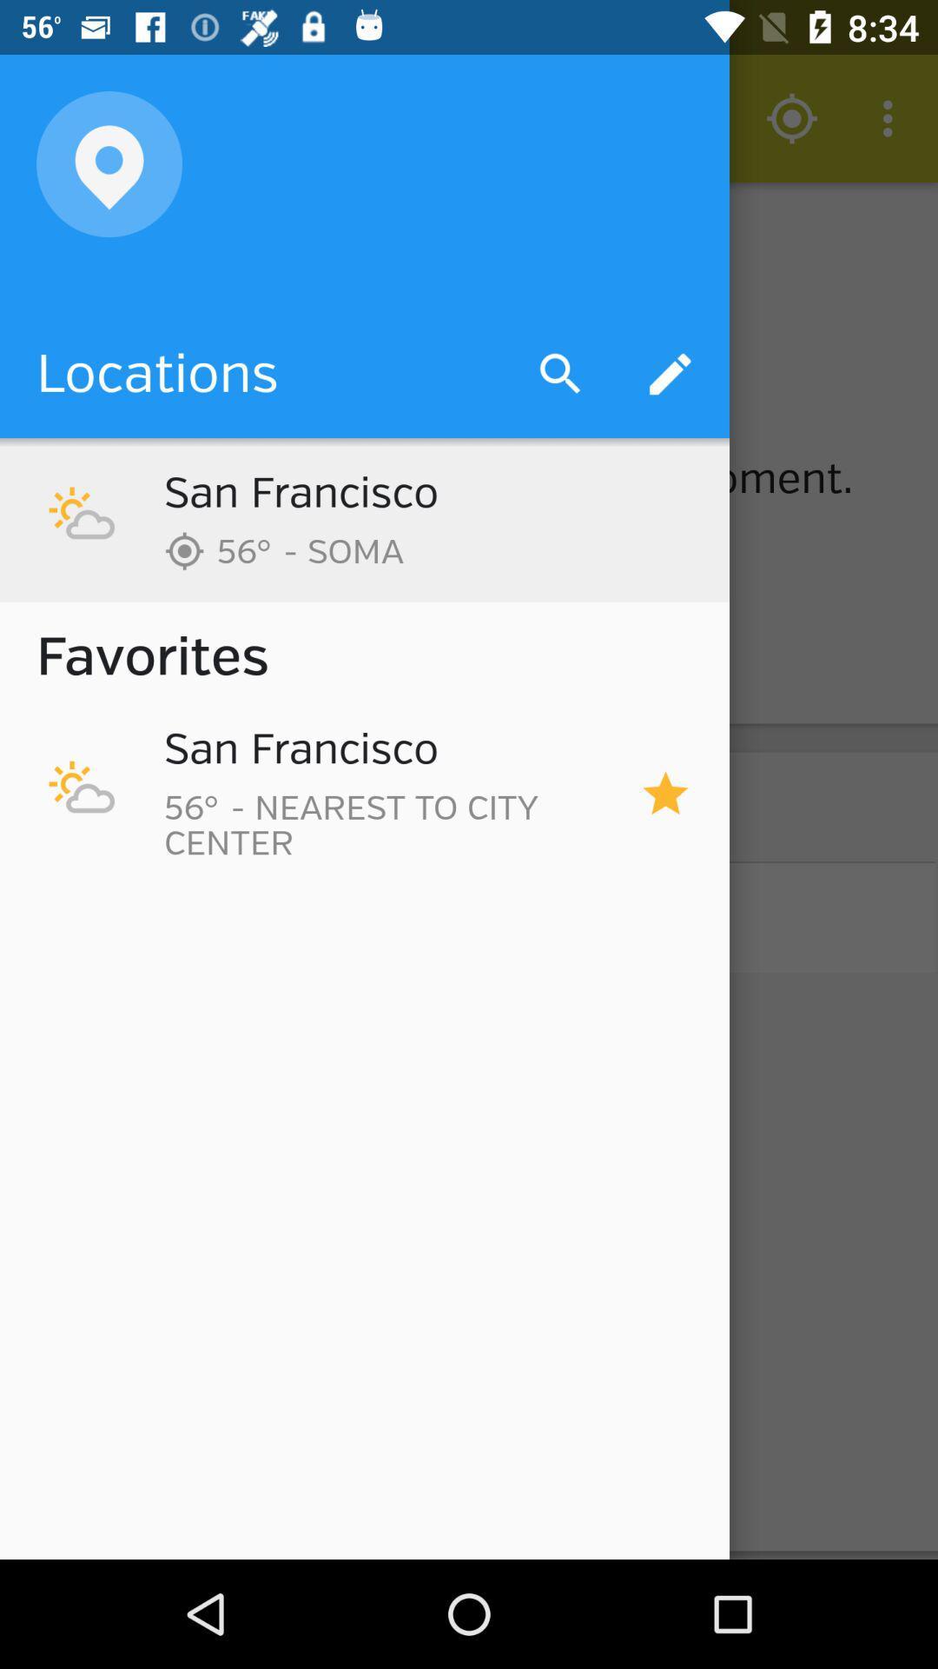 The width and height of the screenshot is (938, 1669). I want to click on the search icon, so click(467, 299).